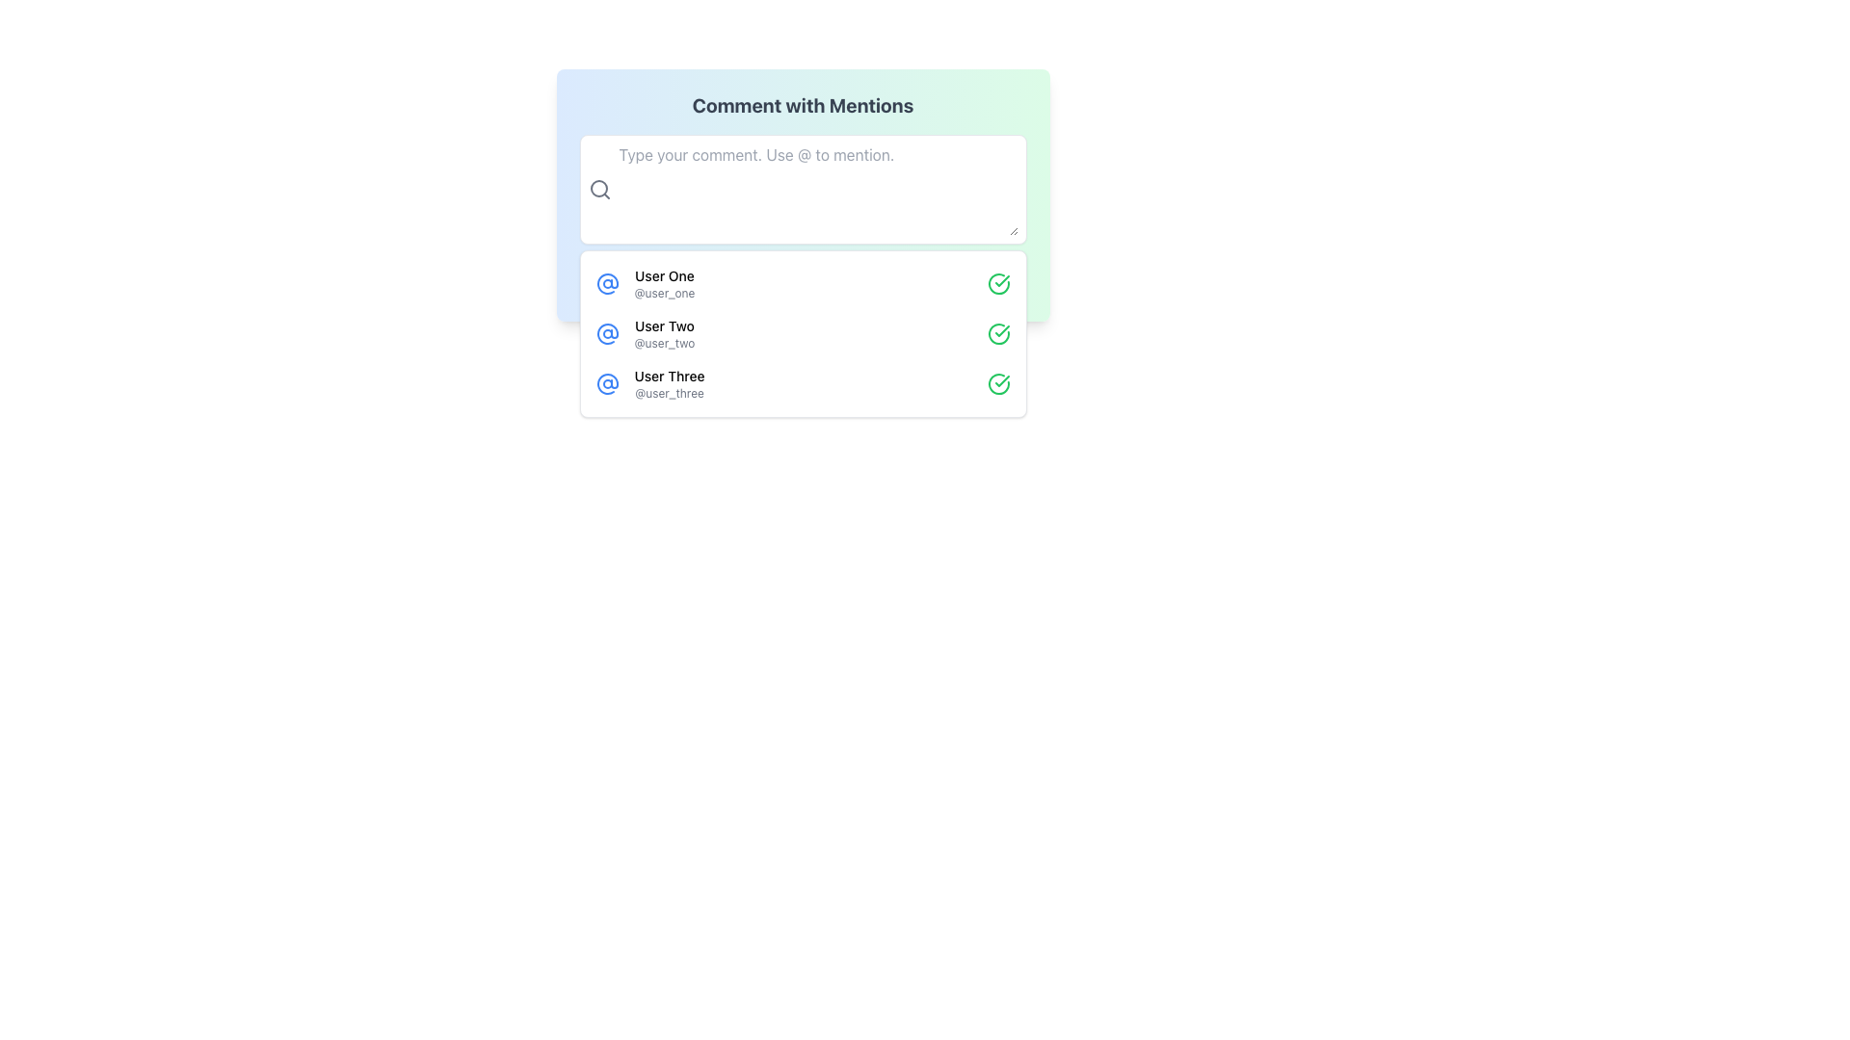 The image size is (1850, 1040). I want to click on the user mention icon for 'User Three', which is the leftmost icon adjacent to the labels 'User Three' and '@user_three', so click(606, 383).